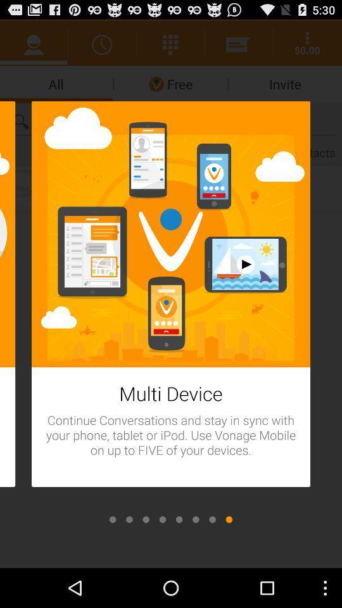  Describe the element at coordinates (196, 519) in the screenshot. I see `go back` at that location.